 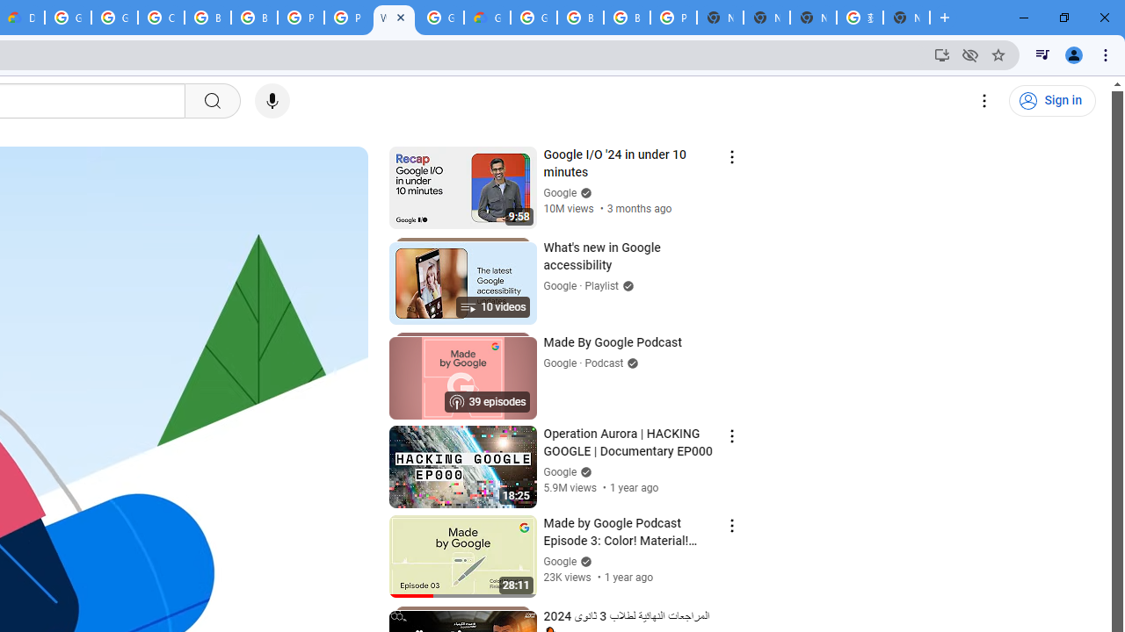 What do you see at coordinates (271, 101) in the screenshot?
I see `'Search with your voice'` at bounding box center [271, 101].